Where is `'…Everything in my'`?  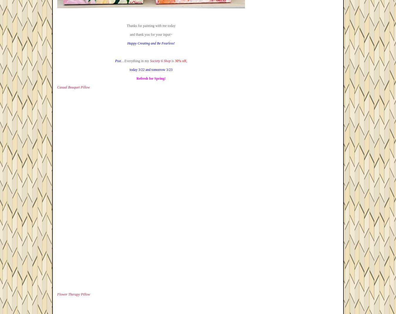 '…Everything in my' is located at coordinates (135, 61).